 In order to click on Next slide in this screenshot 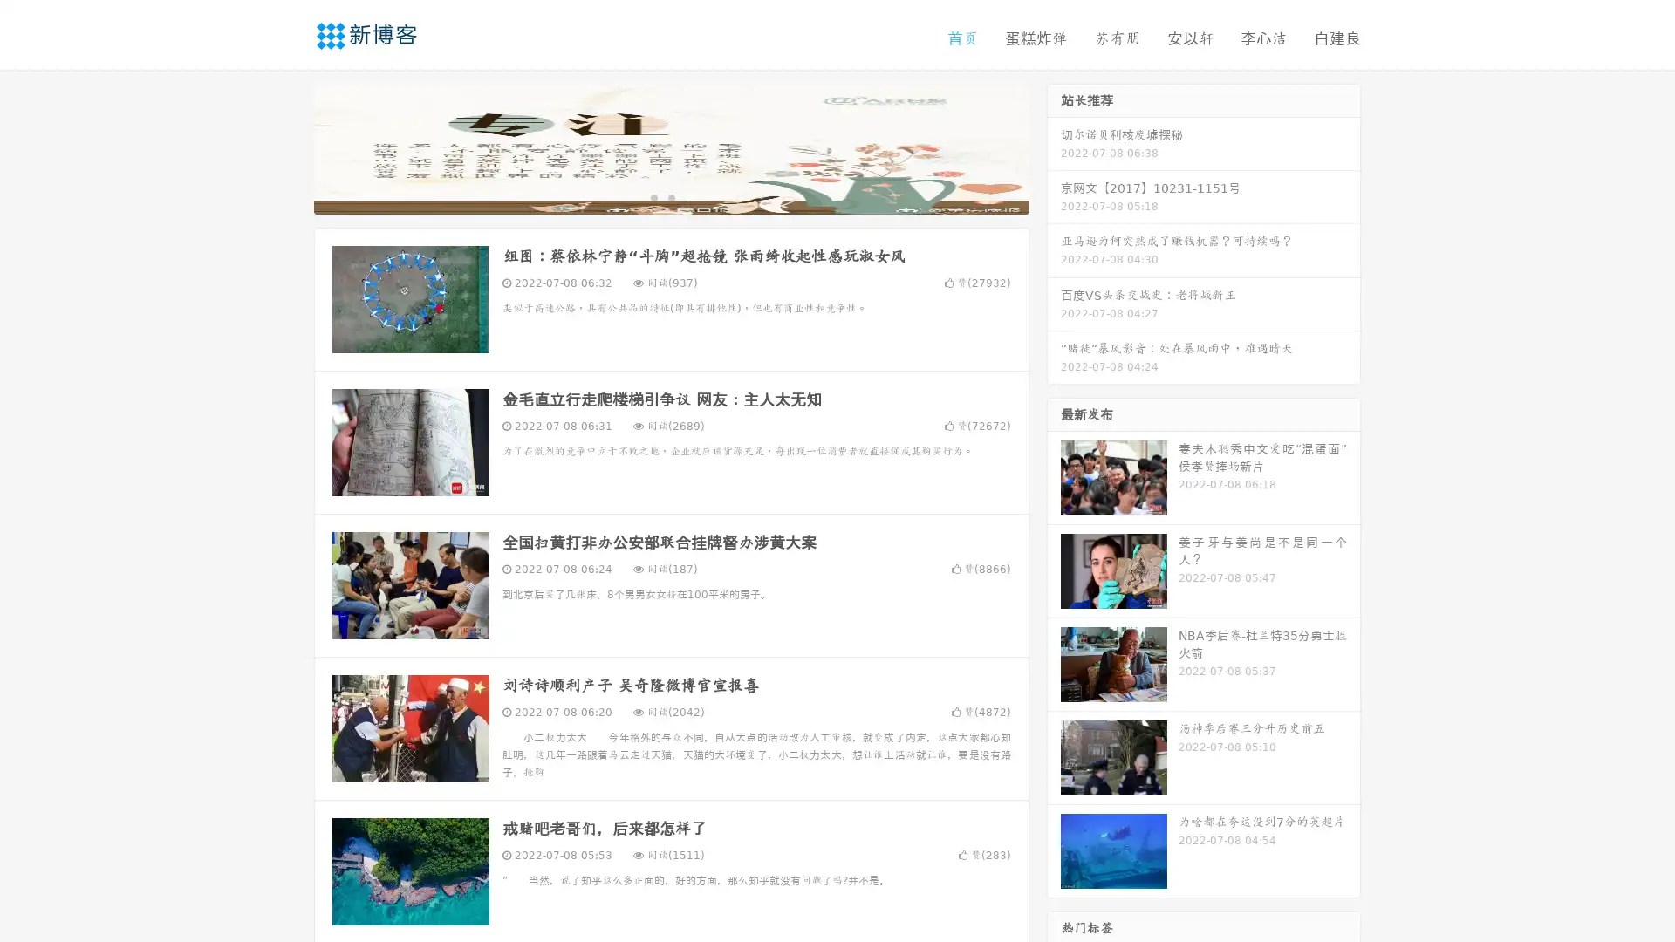, I will do `click(1054, 147)`.